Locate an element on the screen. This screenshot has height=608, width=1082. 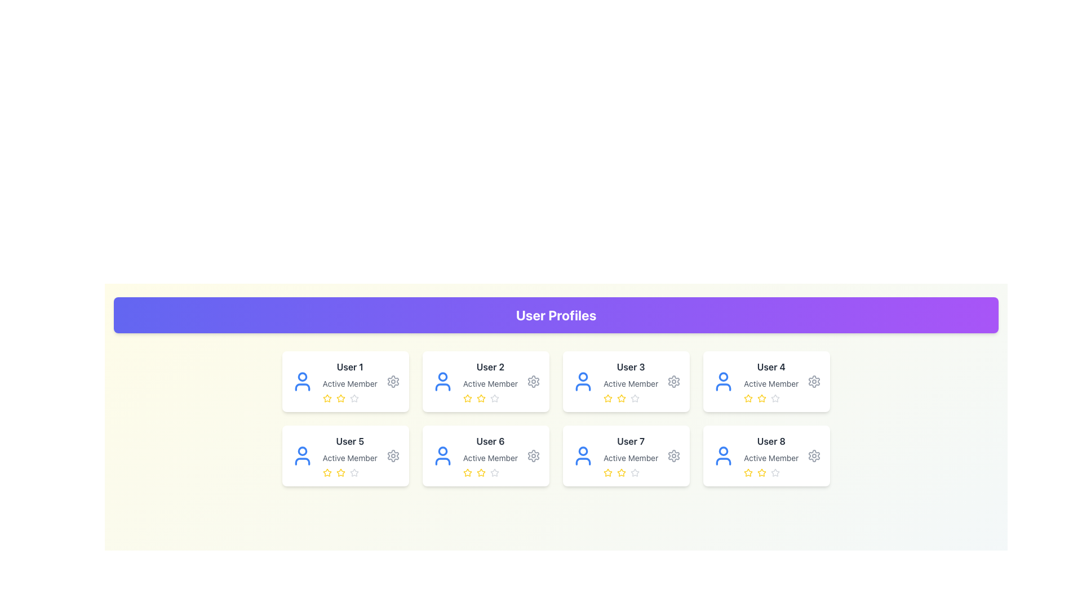
the gear-shaped icon located at the far right edge of the card for 'User 7' is located at coordinates (674, 456).